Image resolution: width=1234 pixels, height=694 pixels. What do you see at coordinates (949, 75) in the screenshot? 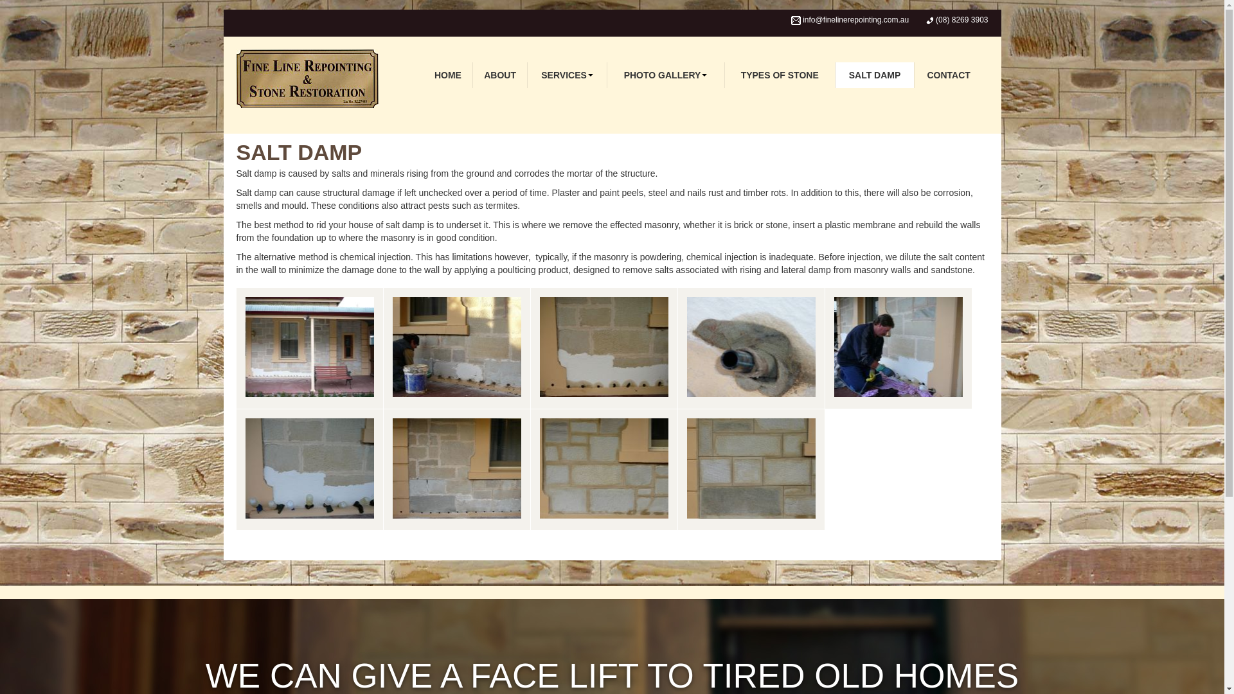
I see `'CONTACT'` at bounding box center [949, 75].